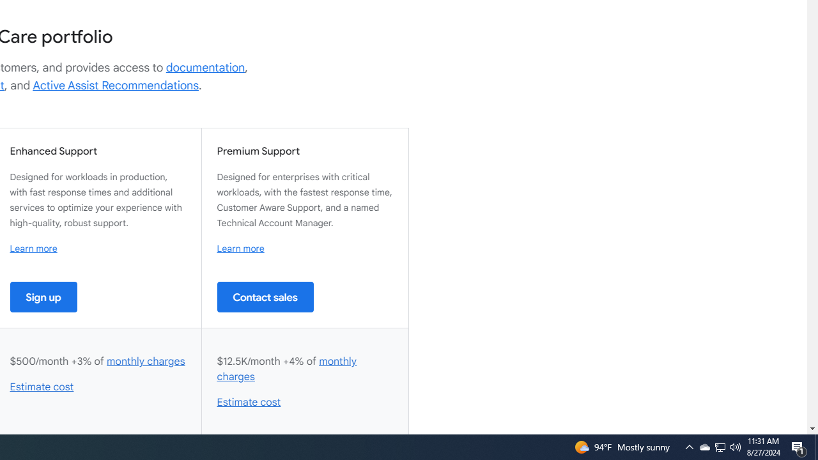 The width and height of the screenshot is (818, 460). What do you see at coordinates (265, 296) in the screenshot?
I see `'Contact sales'` at bounding box center [265, 296].